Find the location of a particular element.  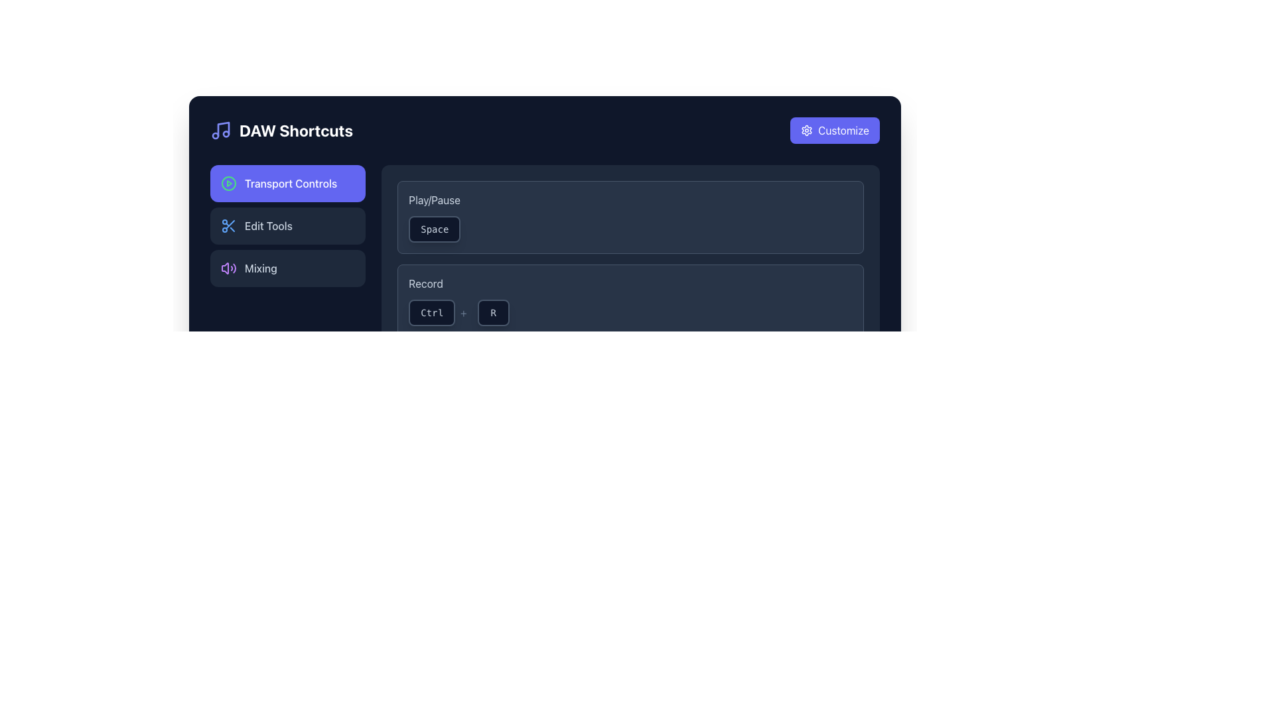

the scissors icon within the 'Edit Tools' button located in the left-hand sidebar of the application interface is located at coordinates (229, 225).